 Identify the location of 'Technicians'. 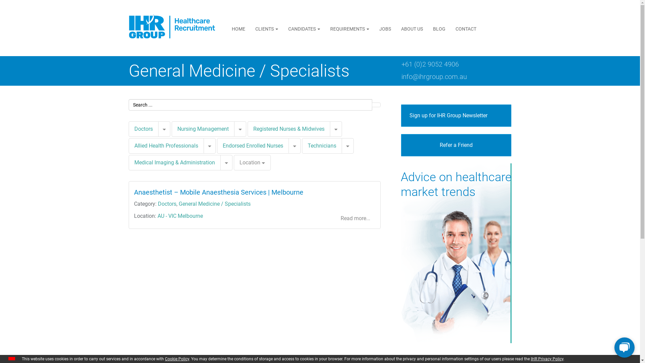
(321, 146).